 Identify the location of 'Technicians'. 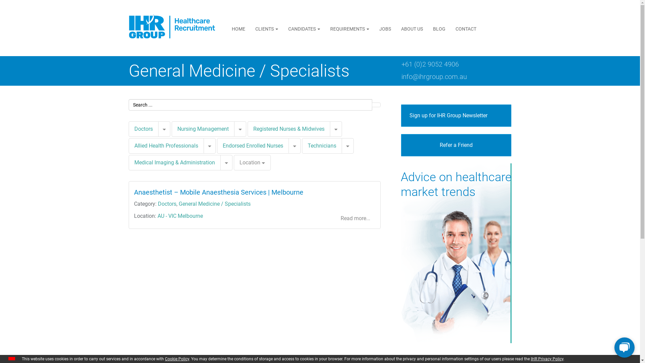
(321, 146).